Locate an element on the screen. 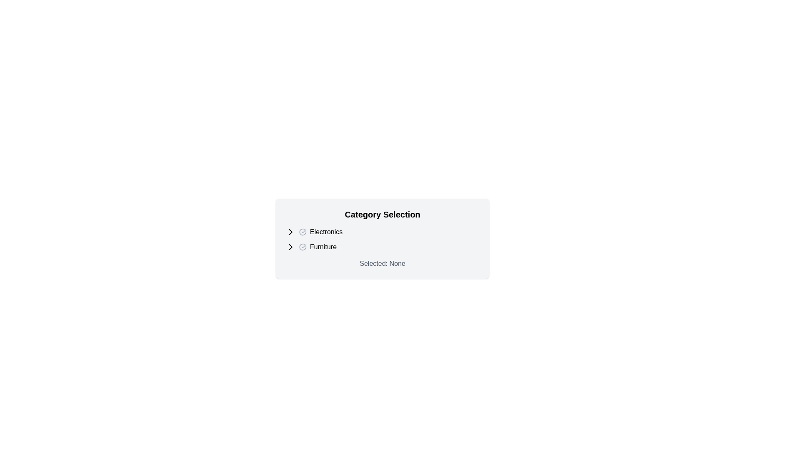  the 'Electronics' list item, which is the first item in the 'Category Selection' vertical list, featuring a bold font and a circular checkbox is located at coordinates (382, 232).